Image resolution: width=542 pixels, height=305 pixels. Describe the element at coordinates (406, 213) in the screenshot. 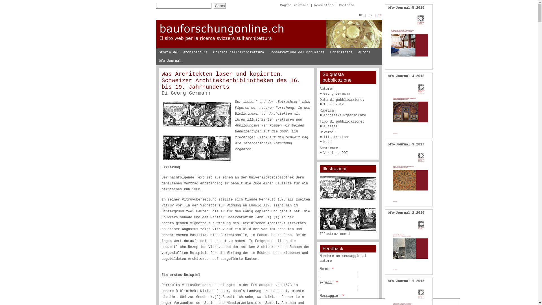

I see `'bfo-Journal 2.2016'` at that location.